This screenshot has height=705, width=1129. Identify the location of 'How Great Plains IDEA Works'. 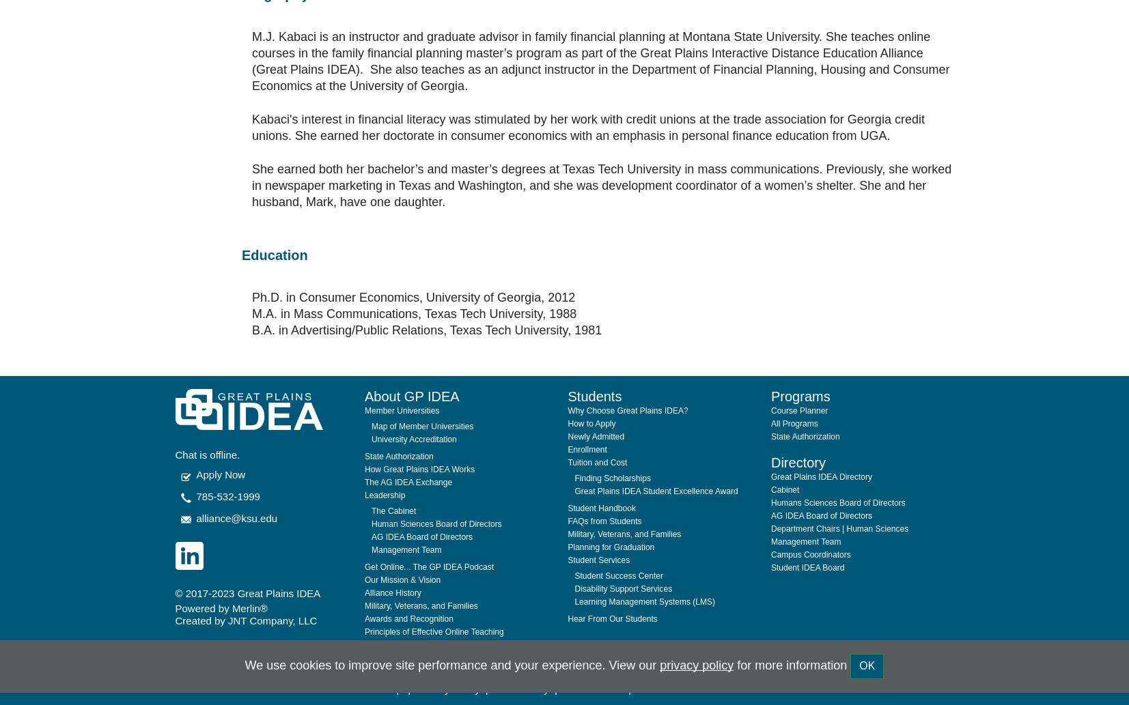
(363, 435).